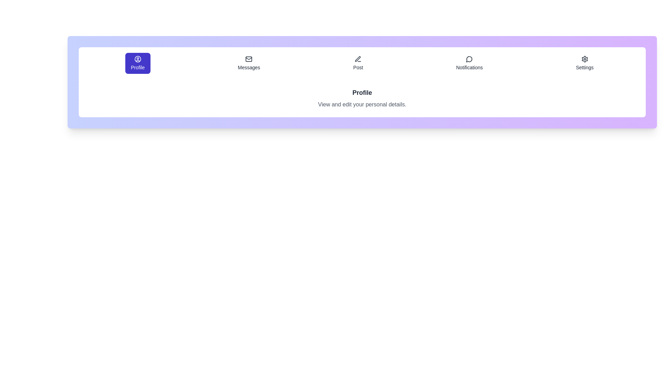  Describe the element at coordinates (584, 63) in the screenshot. I see `the Settings tab by clicking on its button` at that location.